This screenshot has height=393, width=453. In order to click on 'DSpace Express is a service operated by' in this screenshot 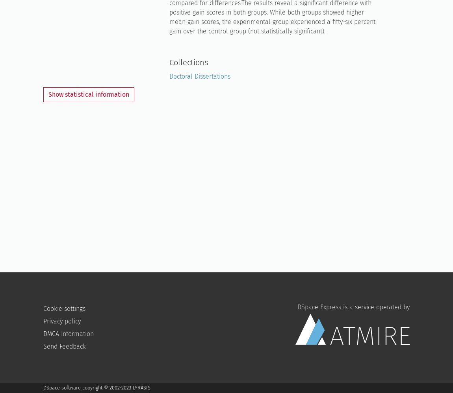, I will do `click(353, 307)`.